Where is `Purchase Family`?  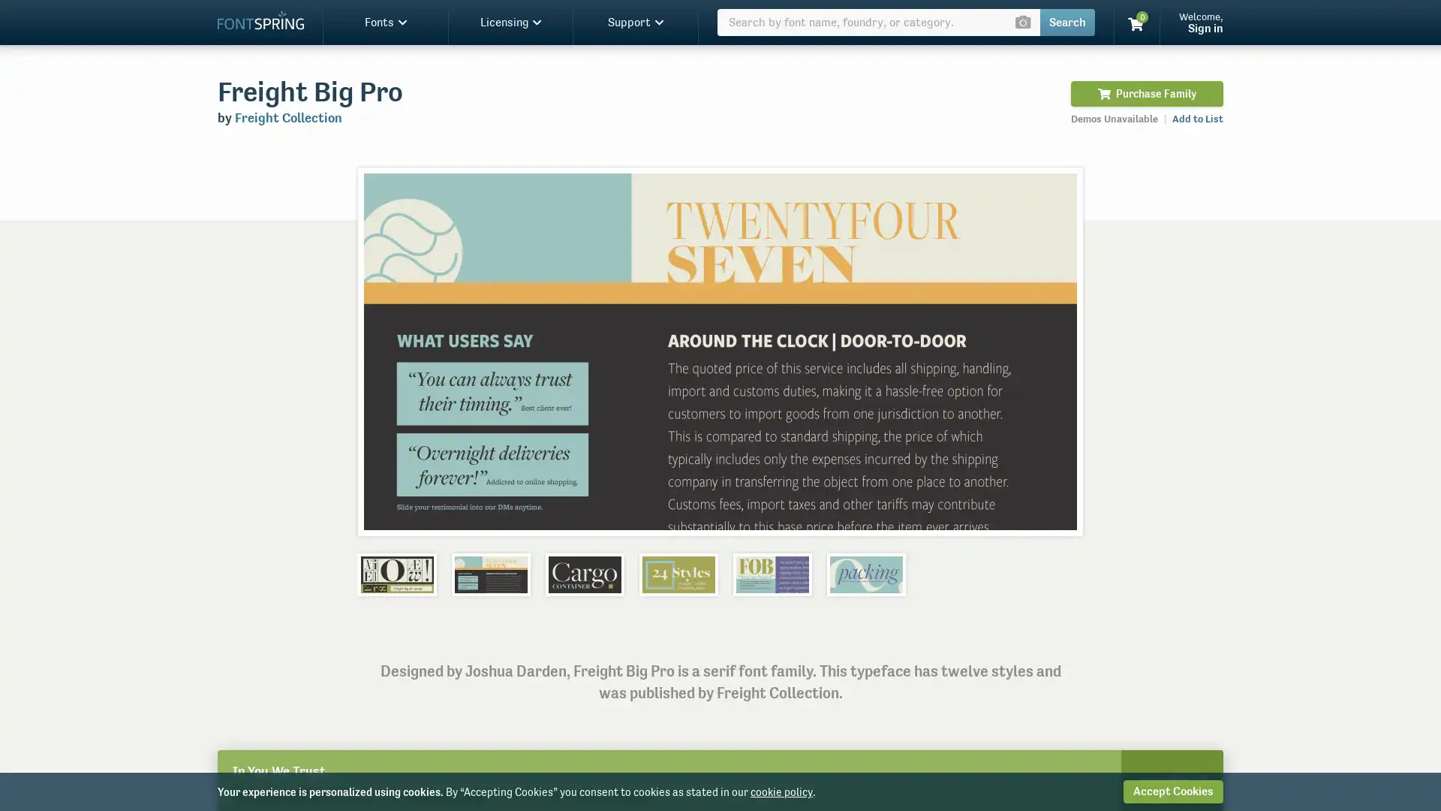
Purchase Family is located at coordinates (1146, 93).